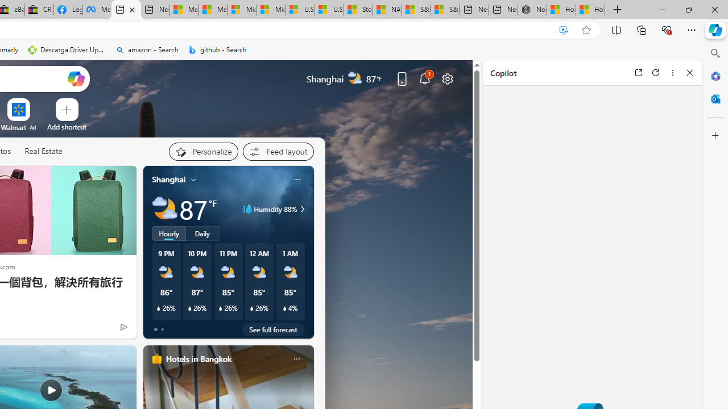 The image size is (728, 409). What do you see at coordinates (66, 127) in the screenshot?
I see `'Add a site'` at bounding box center [66, 127].